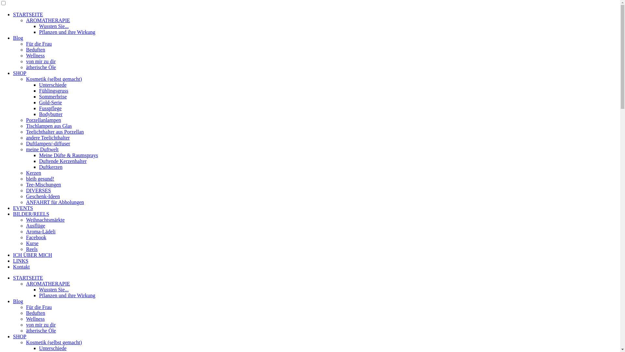  Describe the element at coordinates (18, 38) in the screenshot. I see `'Blog'` at that location.